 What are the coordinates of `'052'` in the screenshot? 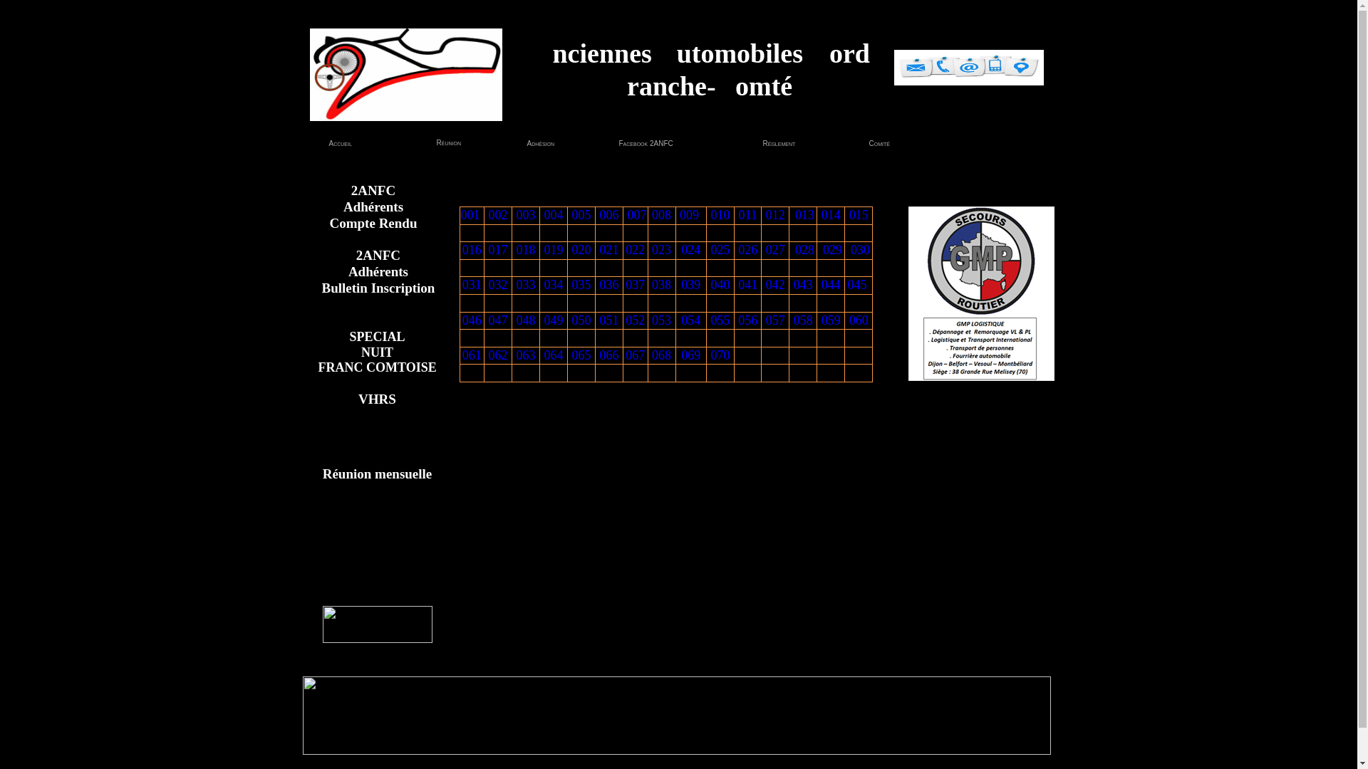 It's located at (626, 320).